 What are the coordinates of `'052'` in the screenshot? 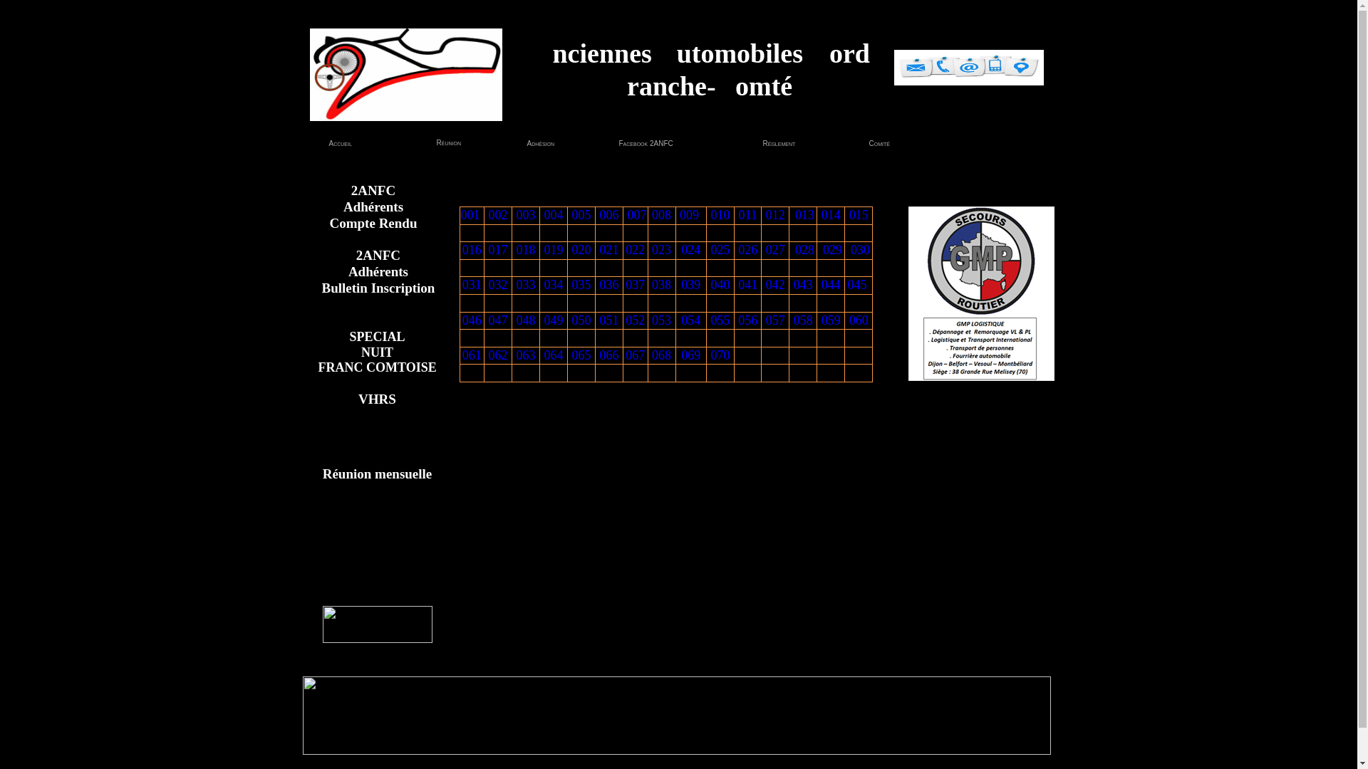 It's located at (626, 320).